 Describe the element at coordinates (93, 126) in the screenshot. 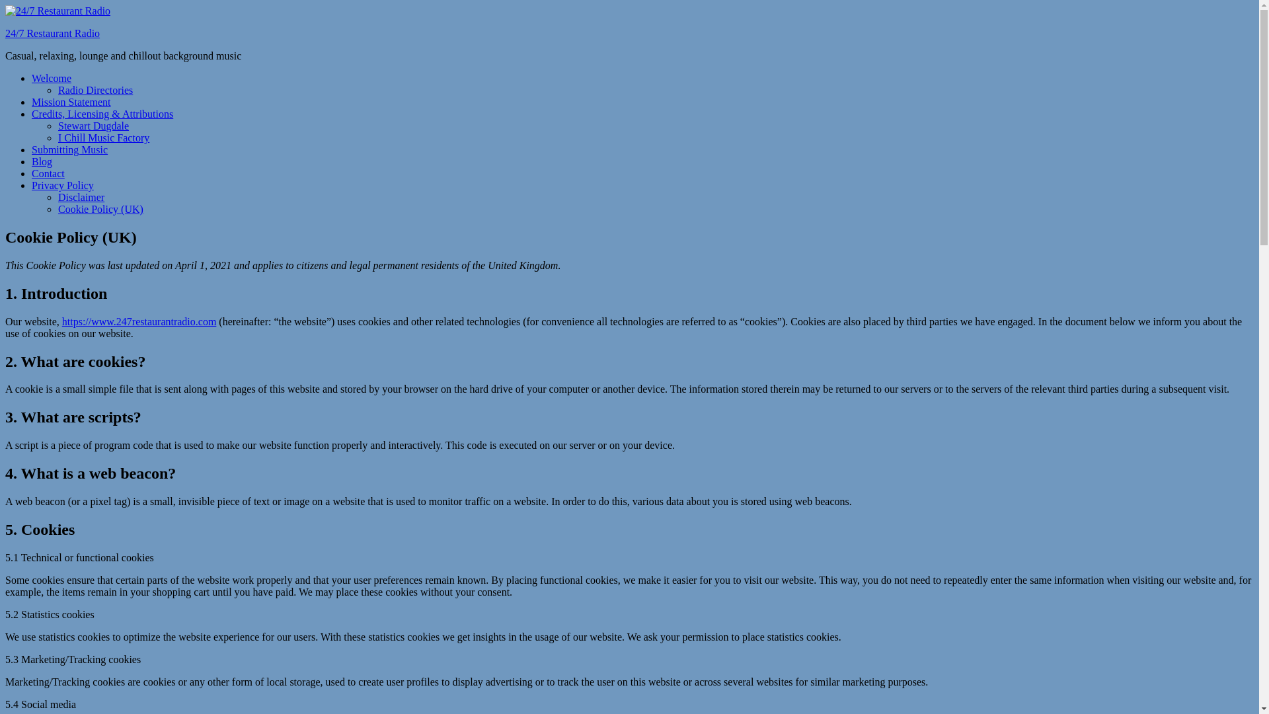

I see `'Stewart Dugdale'` at that location.